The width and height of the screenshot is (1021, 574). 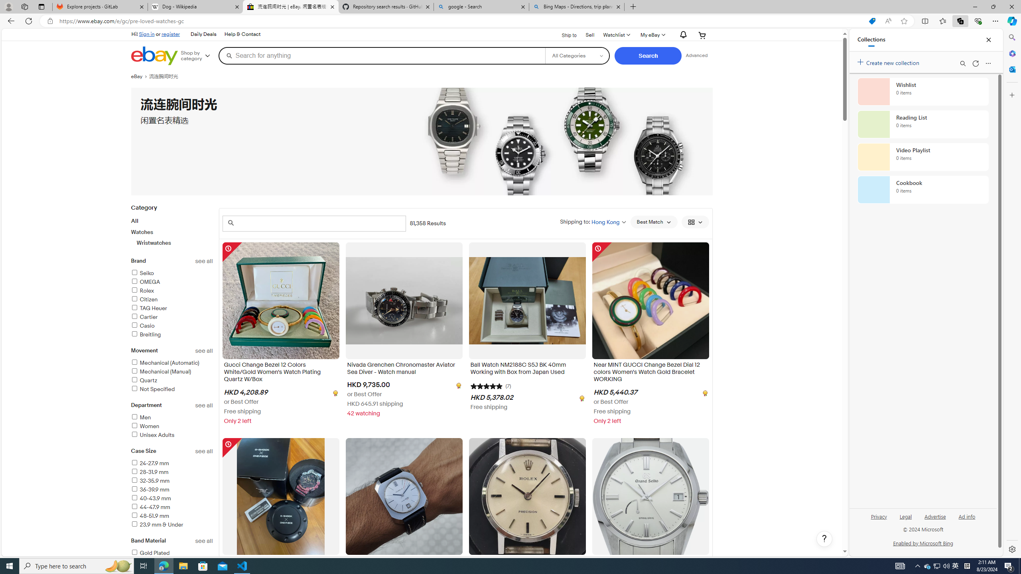 What do you see at coordinates (157, 524) in the screenshot?
I see `'23.9 mm & Under'` at bounding box center [157, 524].